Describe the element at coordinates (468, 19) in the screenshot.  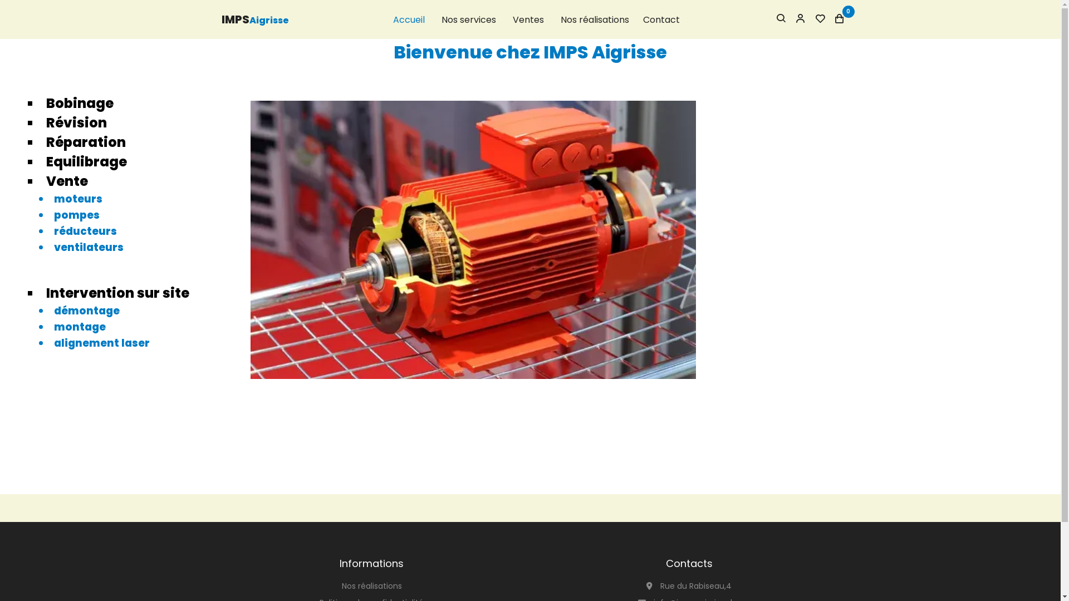
I see `'Nos services'` at that location.